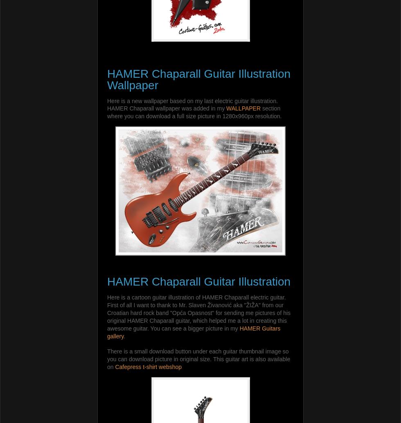 The height and width of the screenshot is (423, 401). Describe the element at coordinates (107, 281) in the screenshot. I see `'HAMER Chaparall Guitar Illustration'` at that location.